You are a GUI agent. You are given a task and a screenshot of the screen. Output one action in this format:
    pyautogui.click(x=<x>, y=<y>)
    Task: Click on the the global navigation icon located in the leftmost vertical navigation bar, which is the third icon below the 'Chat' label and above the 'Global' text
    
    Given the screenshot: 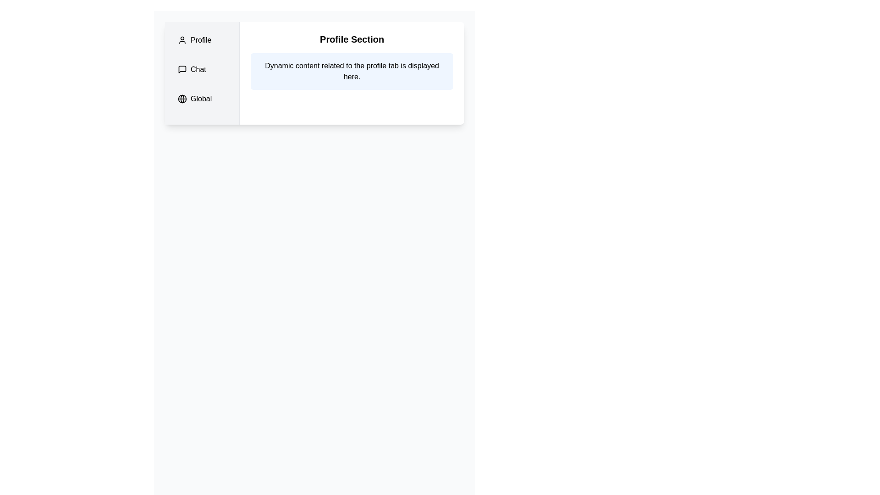 What is the action you would take?
    pyautogui.click(x=182, y=99)
    